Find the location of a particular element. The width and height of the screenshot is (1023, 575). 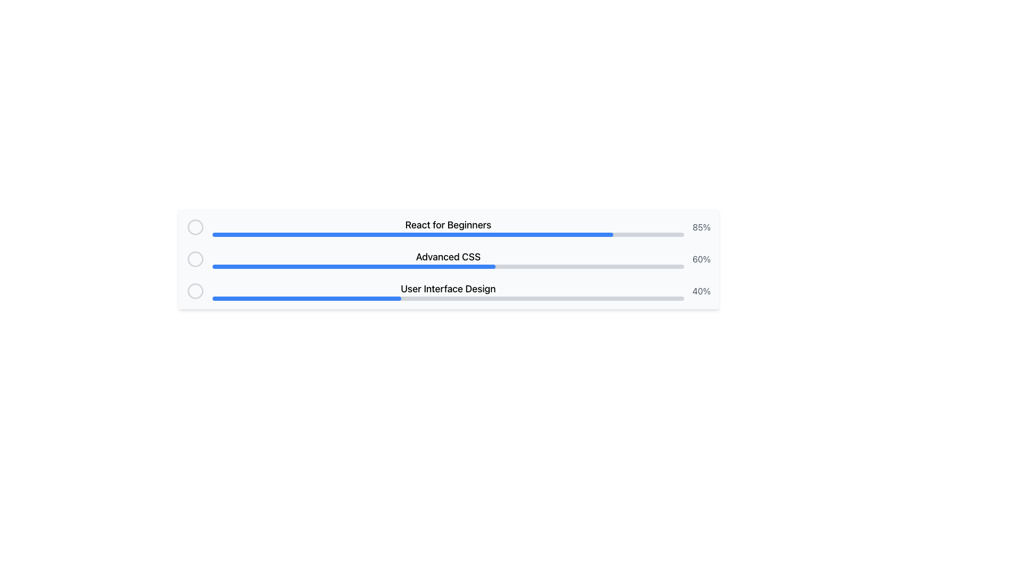

the 'Advanced CSS' text label element, which is styled in a medium-sized bold font and is centrally located in a vertically arranged list is located at coordinates (448, 257).